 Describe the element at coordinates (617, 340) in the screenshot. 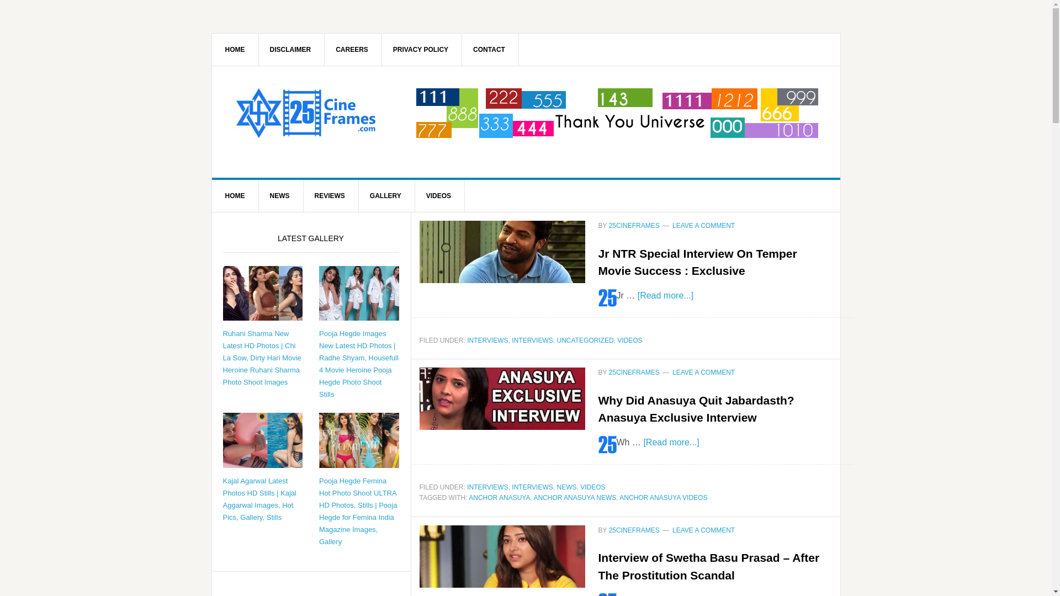

I see `'VIDEOS'` at that location.